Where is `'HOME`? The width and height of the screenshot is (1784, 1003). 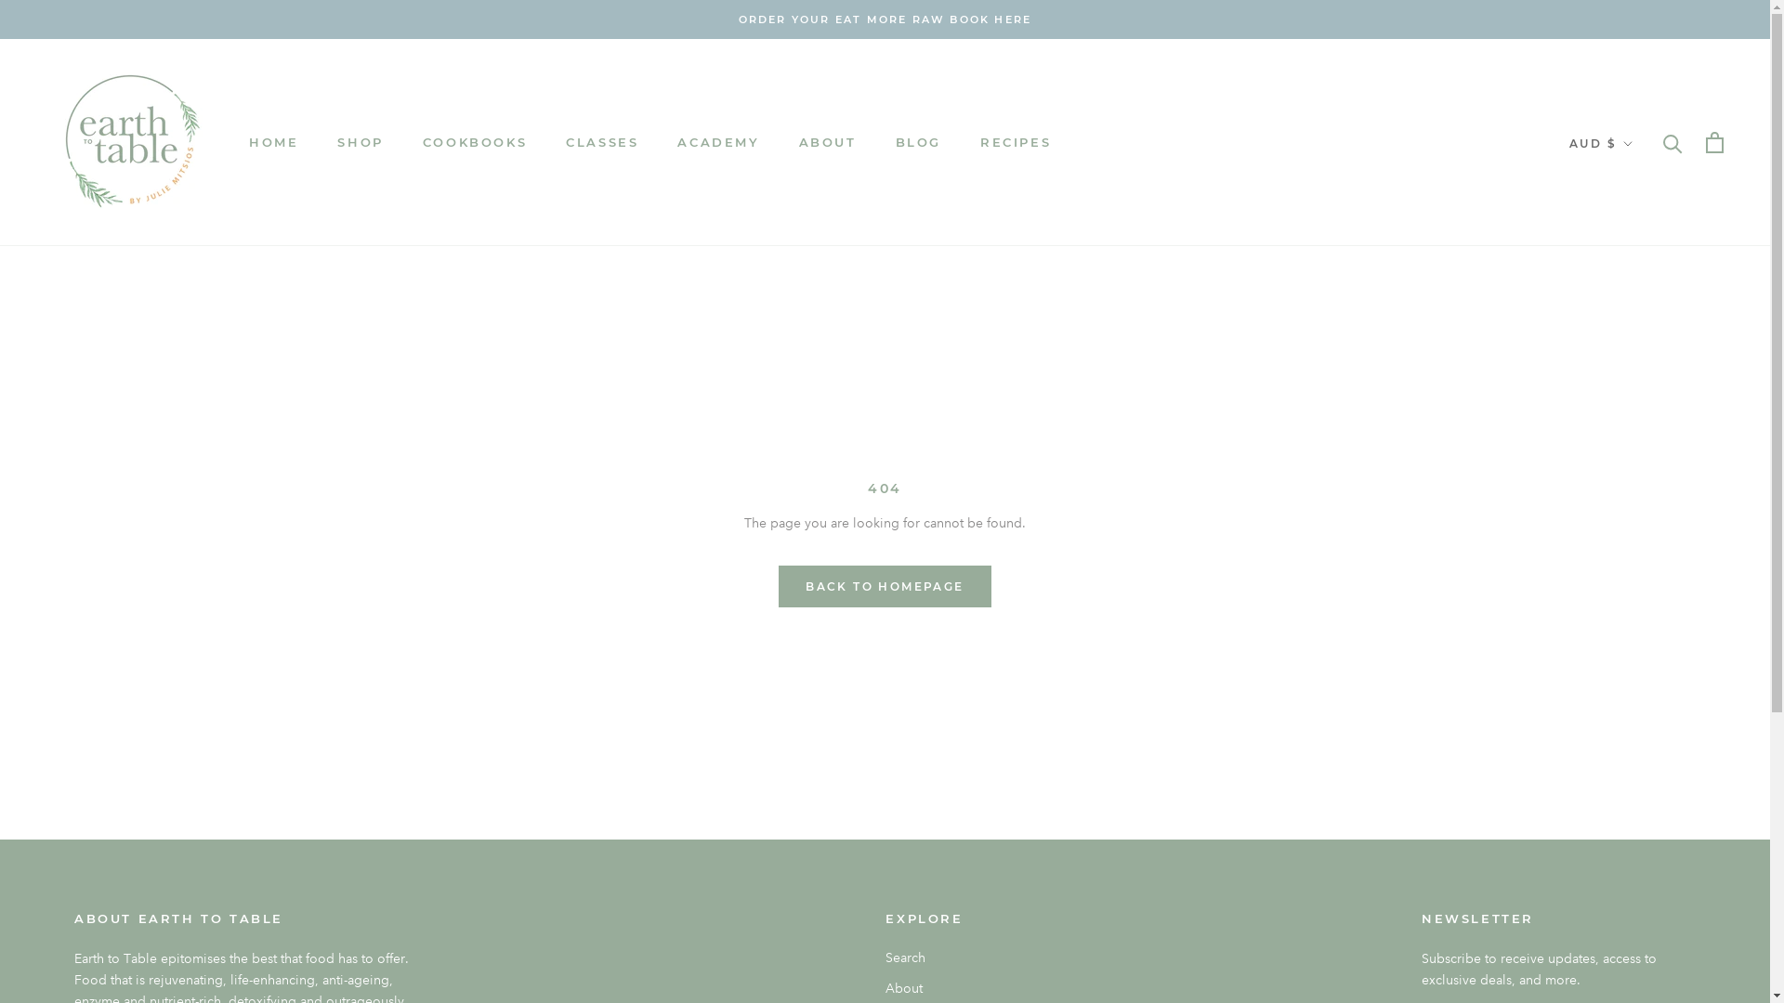 'HOME is located at coordinates (272, 141).